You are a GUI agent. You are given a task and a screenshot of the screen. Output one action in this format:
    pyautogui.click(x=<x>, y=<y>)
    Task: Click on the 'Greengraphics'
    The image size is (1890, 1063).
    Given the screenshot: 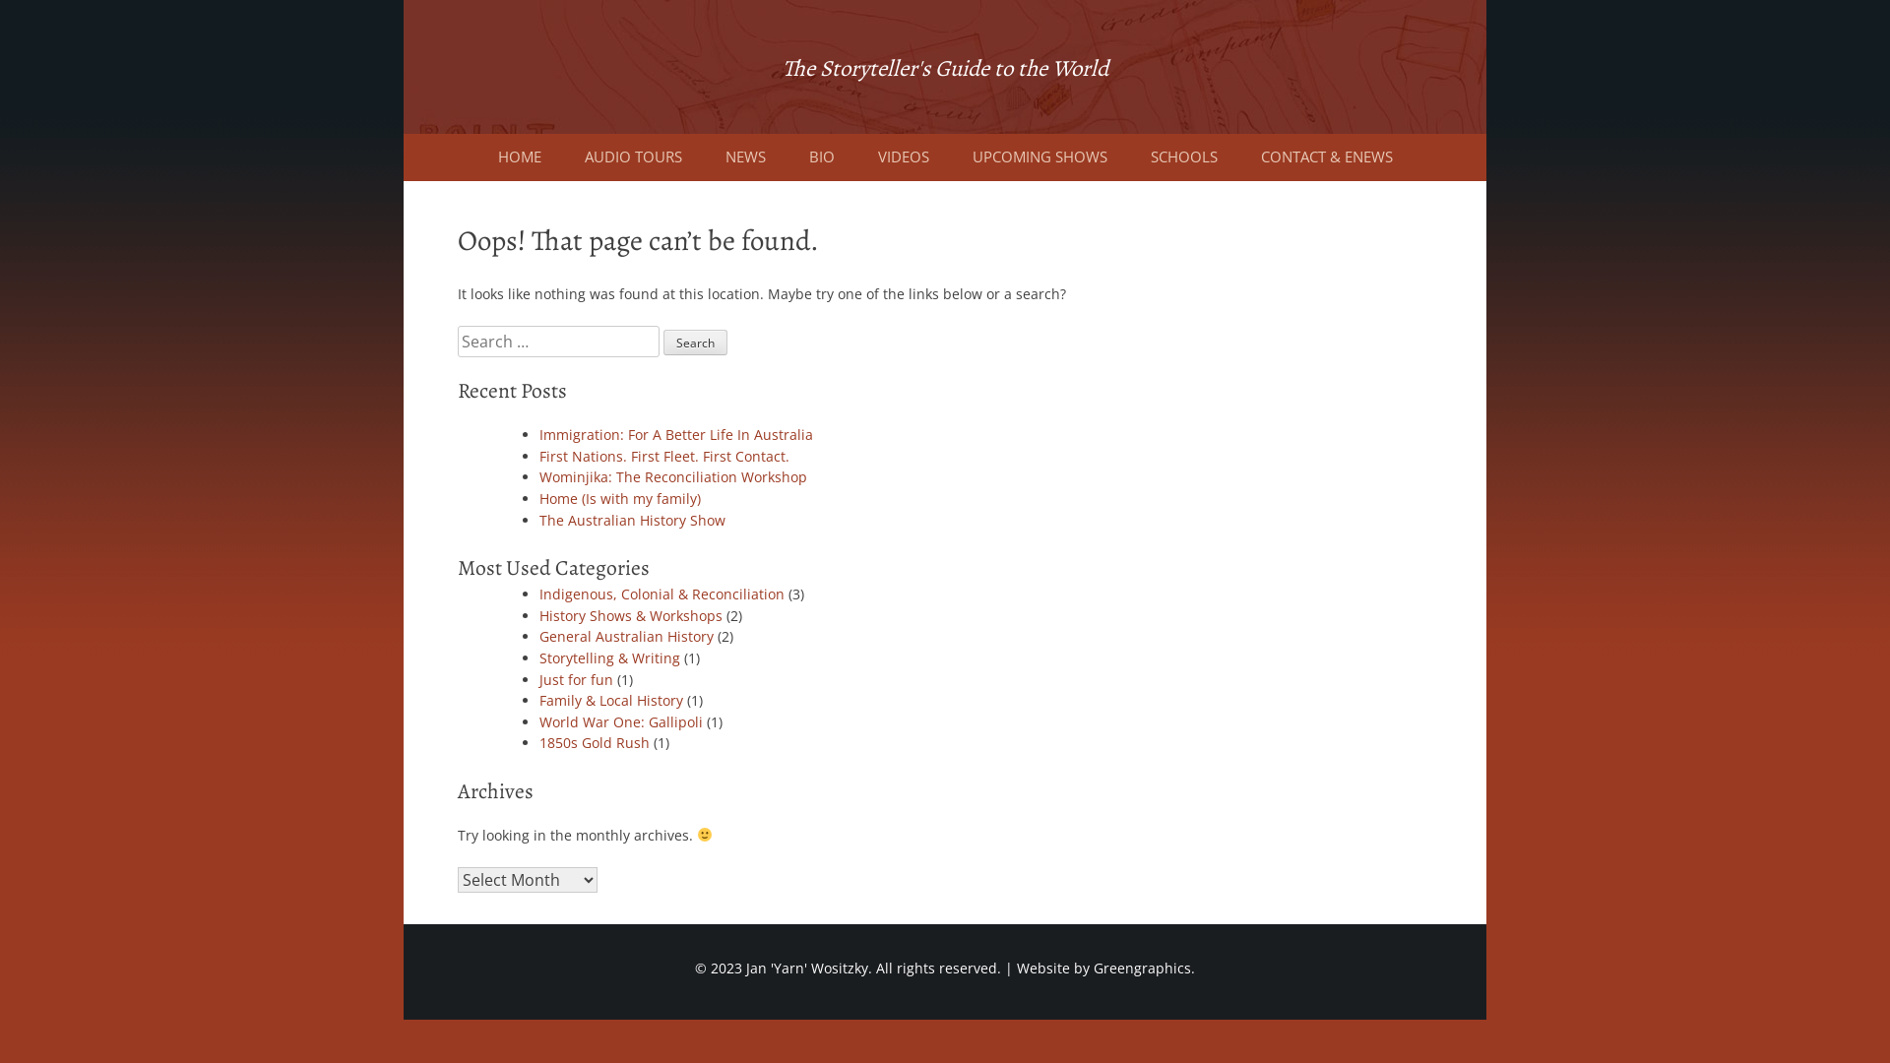 What is the action you would take?
    pyautogui.click(x=1142, y=967)
    